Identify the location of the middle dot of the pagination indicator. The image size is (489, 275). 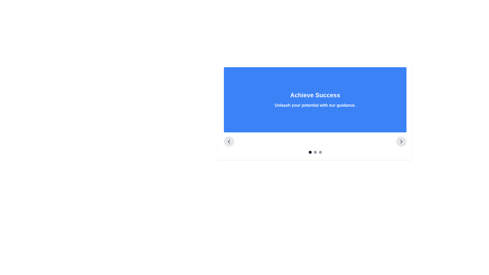
(315, 152).